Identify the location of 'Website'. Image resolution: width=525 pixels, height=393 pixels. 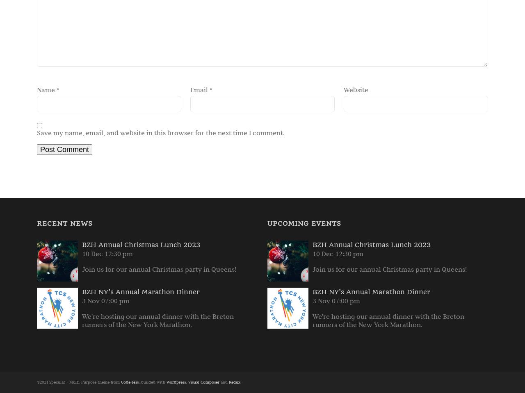
(344, 89).